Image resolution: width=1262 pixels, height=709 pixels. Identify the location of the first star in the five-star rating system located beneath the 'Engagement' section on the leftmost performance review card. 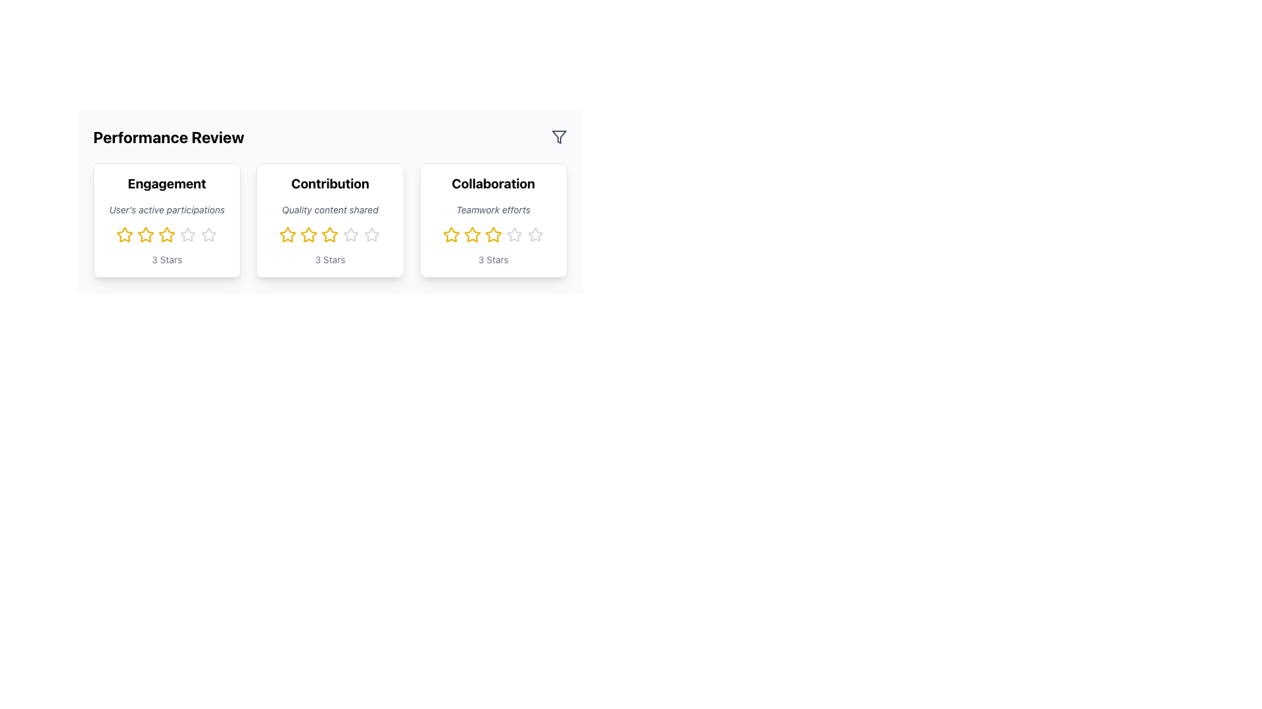
(125, 234).